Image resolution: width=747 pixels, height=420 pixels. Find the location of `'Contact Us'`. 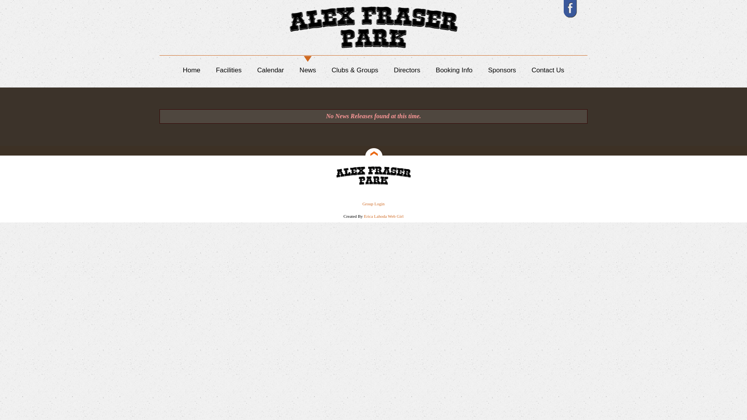

'Contact Us' is located at coordinates (547, 70).